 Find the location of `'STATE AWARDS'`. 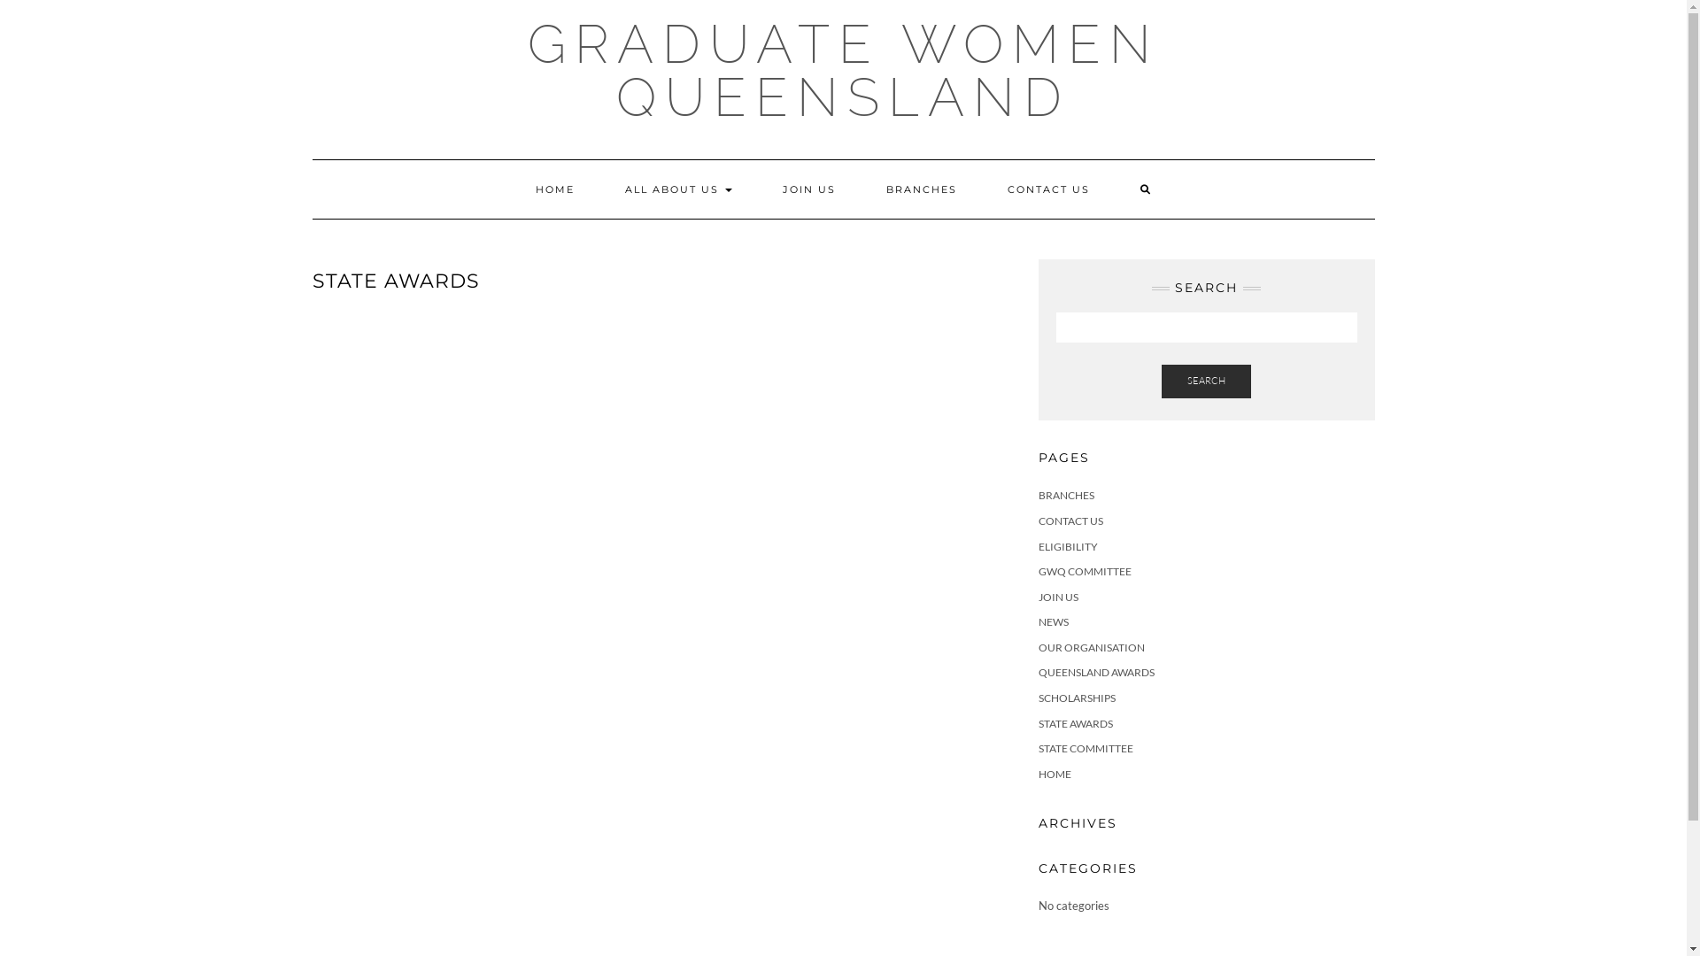

'STATE AWARDS' is located at coordinates (1074, 723).